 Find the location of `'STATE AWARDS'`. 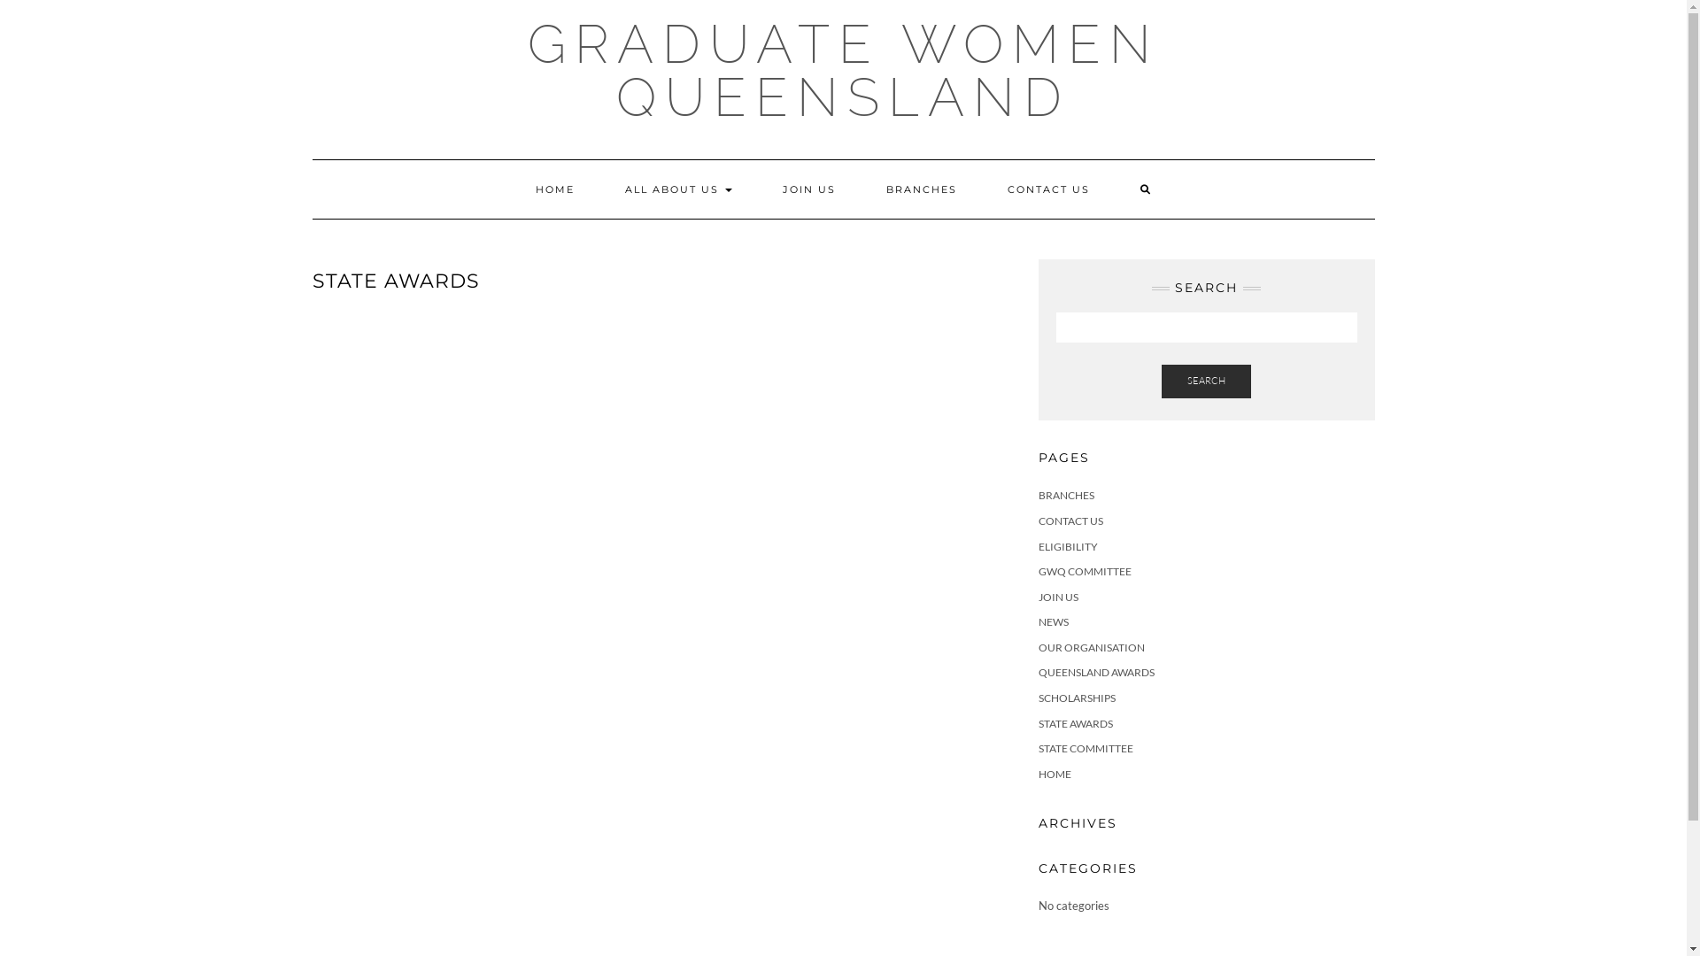

'STATE AWARDS' is located at coordinates (1074, 723).